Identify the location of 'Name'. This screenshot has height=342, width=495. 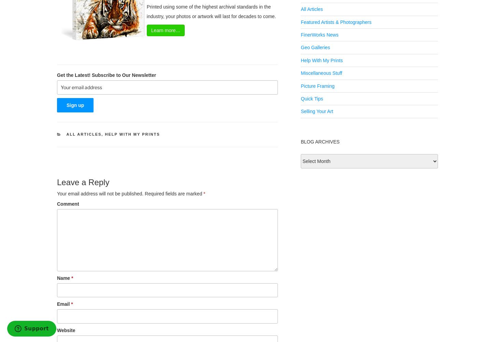
(57, 277).